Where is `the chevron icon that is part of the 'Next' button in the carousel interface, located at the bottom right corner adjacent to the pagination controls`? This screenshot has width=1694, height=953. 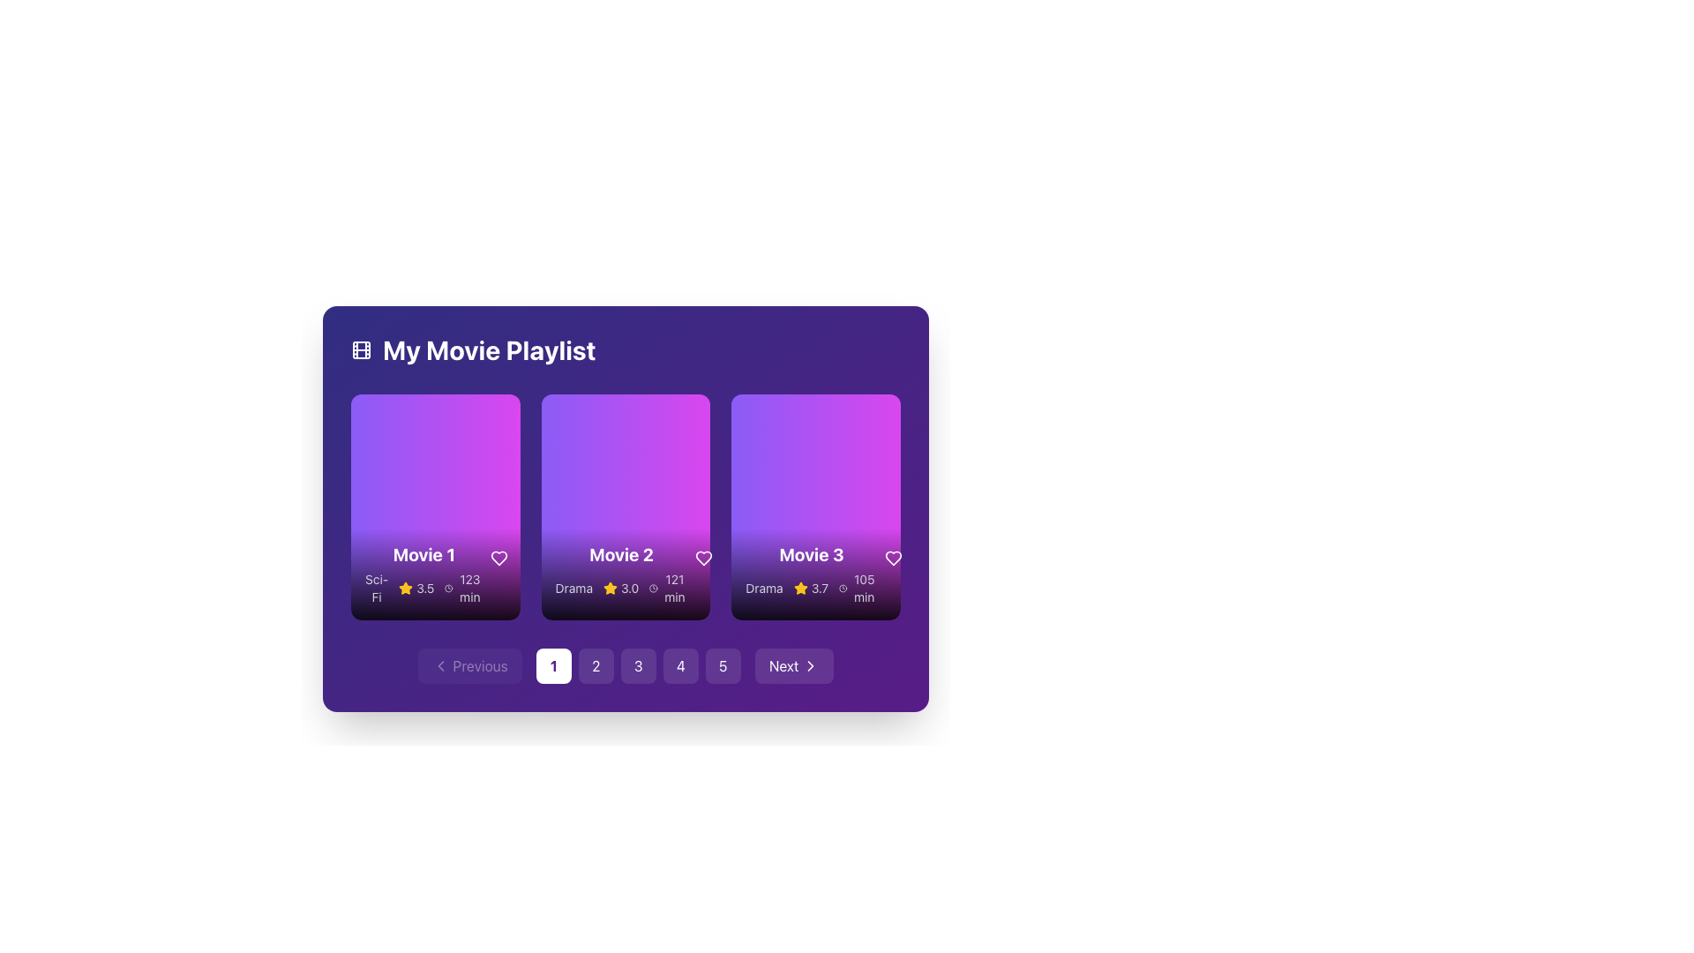 the chevron icon that is part of the 'Next' button in the carousel interface, located at the bottom right corner adjacent to the pagination controls is located at coordinates (810, 666).